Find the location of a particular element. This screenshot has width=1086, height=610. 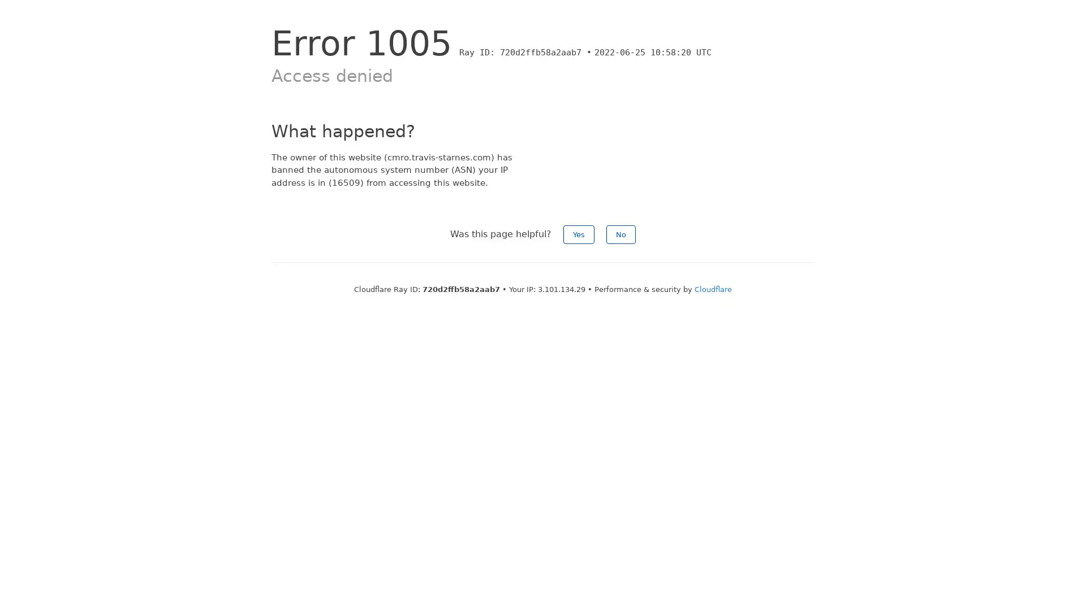

No is located at coordinates (620, 234).